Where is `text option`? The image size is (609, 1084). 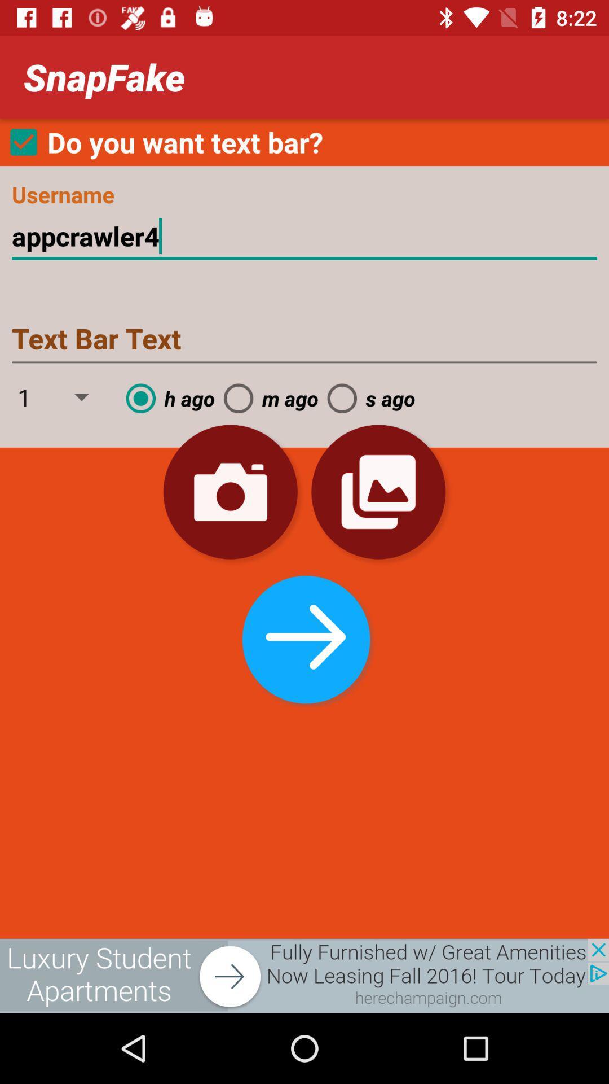
text option is located at coordinates (304, 339).